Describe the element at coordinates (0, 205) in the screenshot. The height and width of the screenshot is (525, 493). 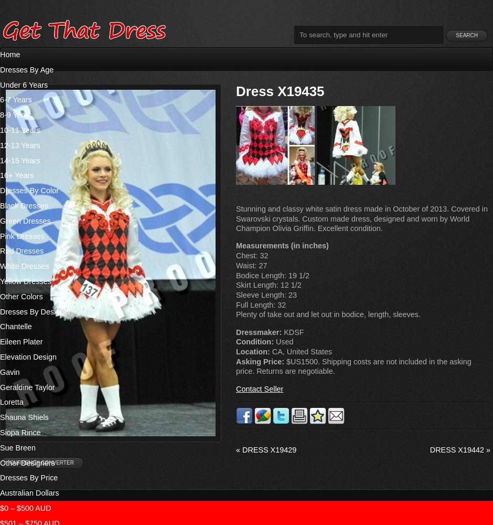
I see `'Black Dresses'` at that location.